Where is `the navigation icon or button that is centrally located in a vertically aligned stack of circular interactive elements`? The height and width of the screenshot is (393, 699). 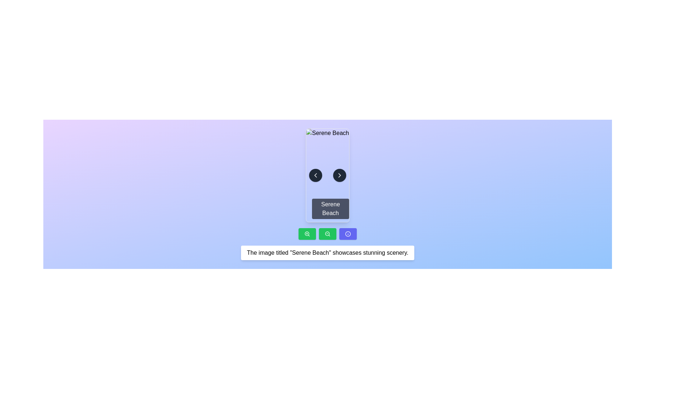
the navigation icon or button that is centrally located in a vertically aligned stack of circular interactive elements is located at coordinates (339, 175).